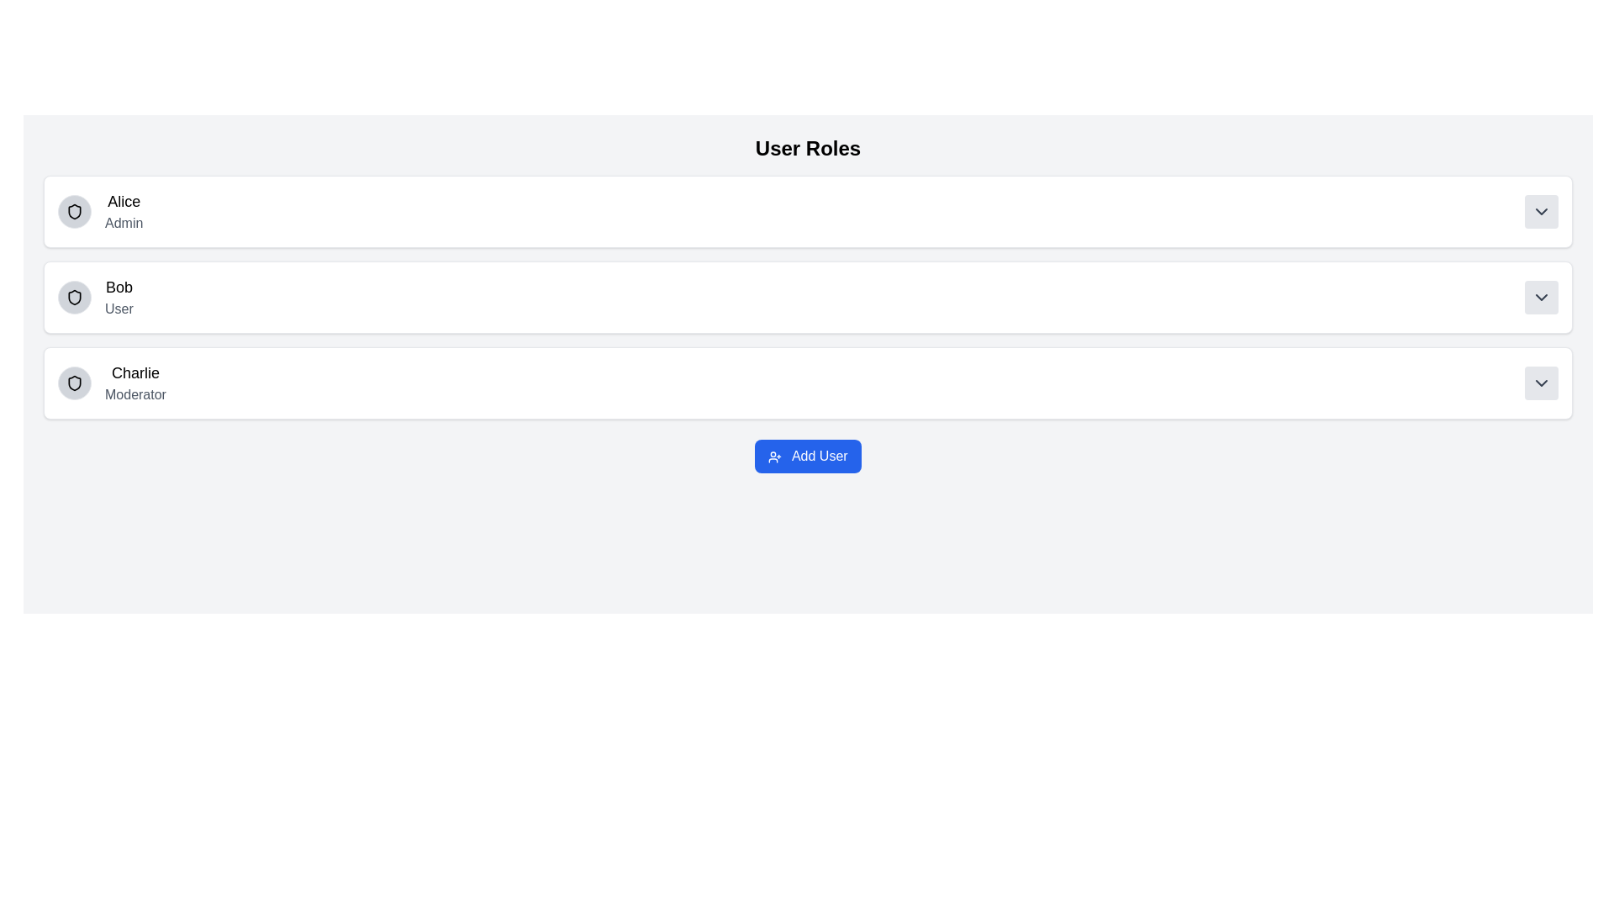 This screenshot has width=1614, height=908. Describe the element at coordinates (808, 297) in the screenshot. I see `the interactive card representing the second user entry` at that location.